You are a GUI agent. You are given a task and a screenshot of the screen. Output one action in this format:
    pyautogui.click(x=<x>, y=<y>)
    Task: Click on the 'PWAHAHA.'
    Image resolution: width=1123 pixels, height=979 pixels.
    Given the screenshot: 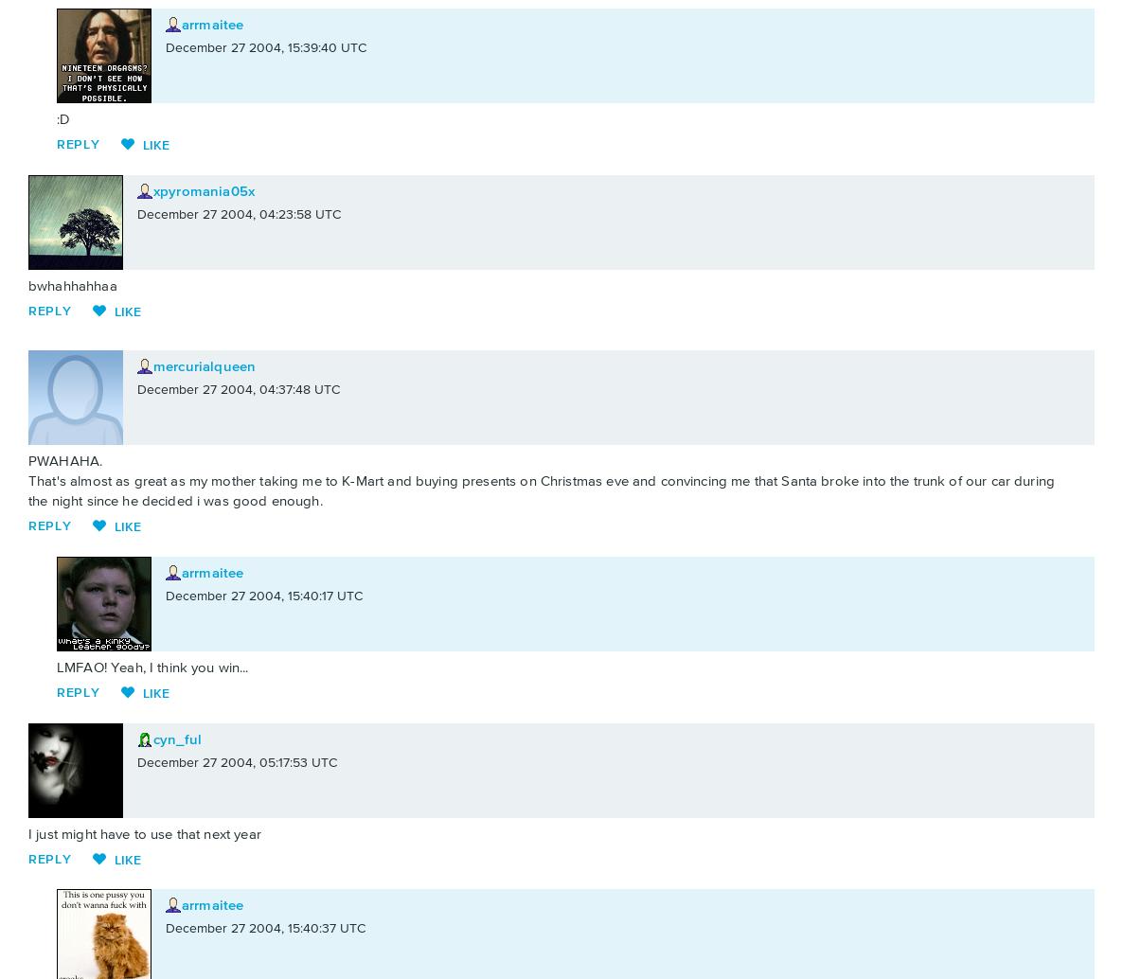 What is the action you would take?
    pyautogui.click(x=65, y=460)
    